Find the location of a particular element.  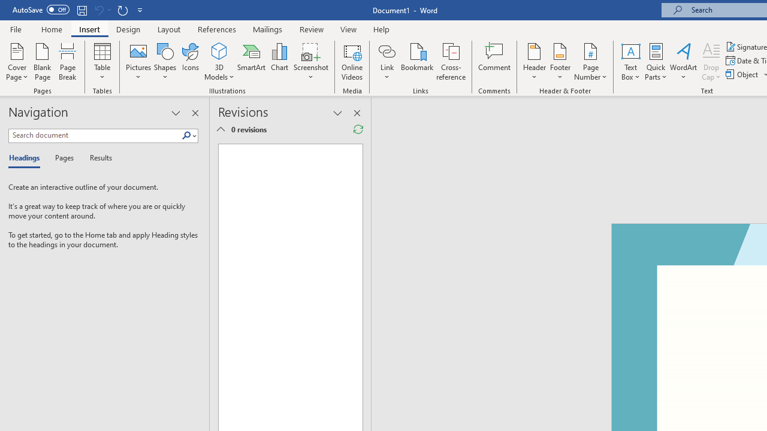

'Cover Page' is located at coordinates (17, 62).